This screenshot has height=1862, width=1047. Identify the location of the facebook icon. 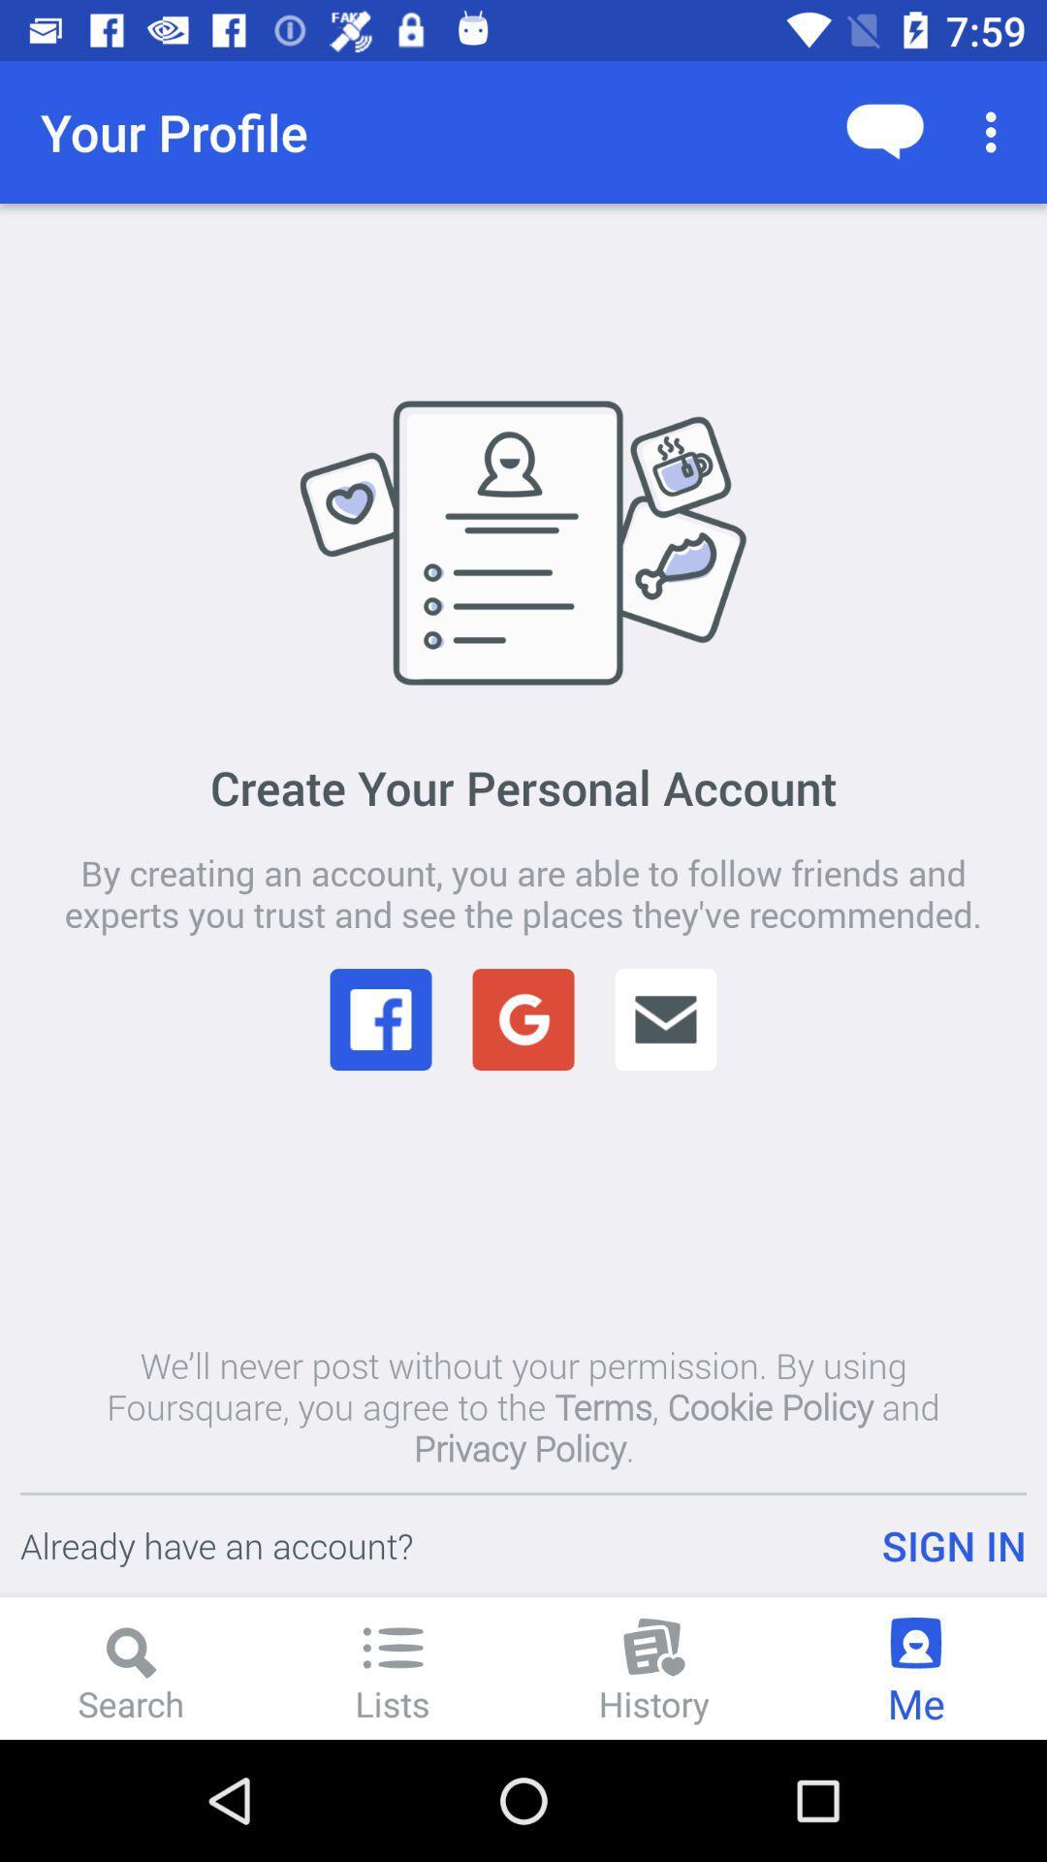
(381, 1018).